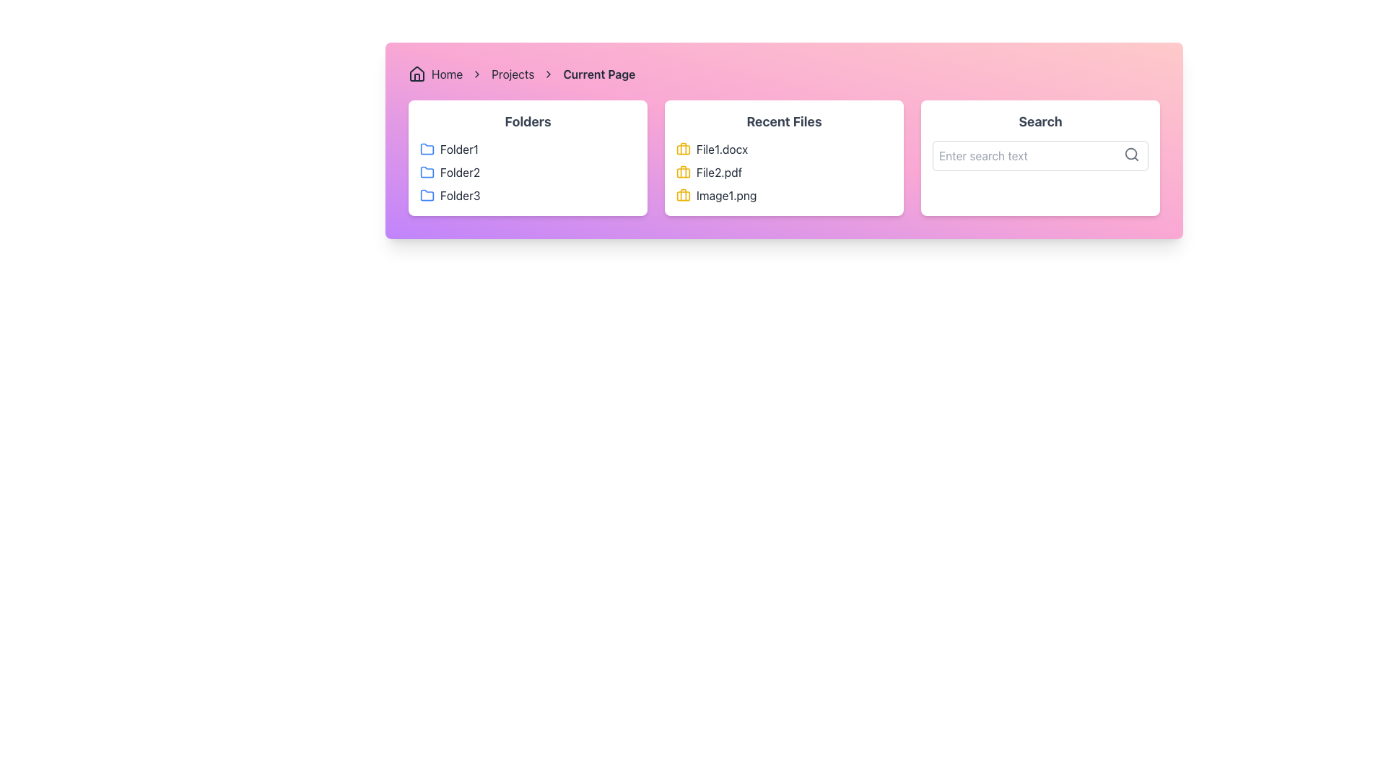 The image size is (1386, 780). Describe the element at coordinates (527, 195) in the screenshot. I see `the list item representing the folder labeled 'Folder3' which is the third item in the vertical list of folders` at that location.